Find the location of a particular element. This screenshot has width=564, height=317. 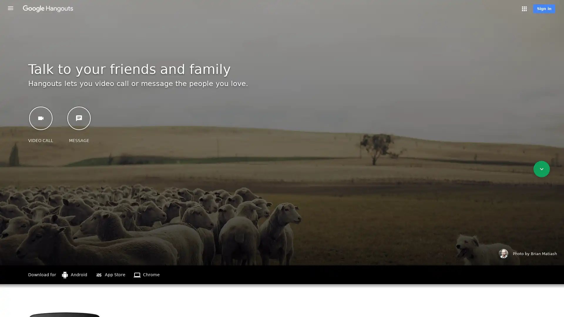

Google apps is located at coordinates (524, 9).